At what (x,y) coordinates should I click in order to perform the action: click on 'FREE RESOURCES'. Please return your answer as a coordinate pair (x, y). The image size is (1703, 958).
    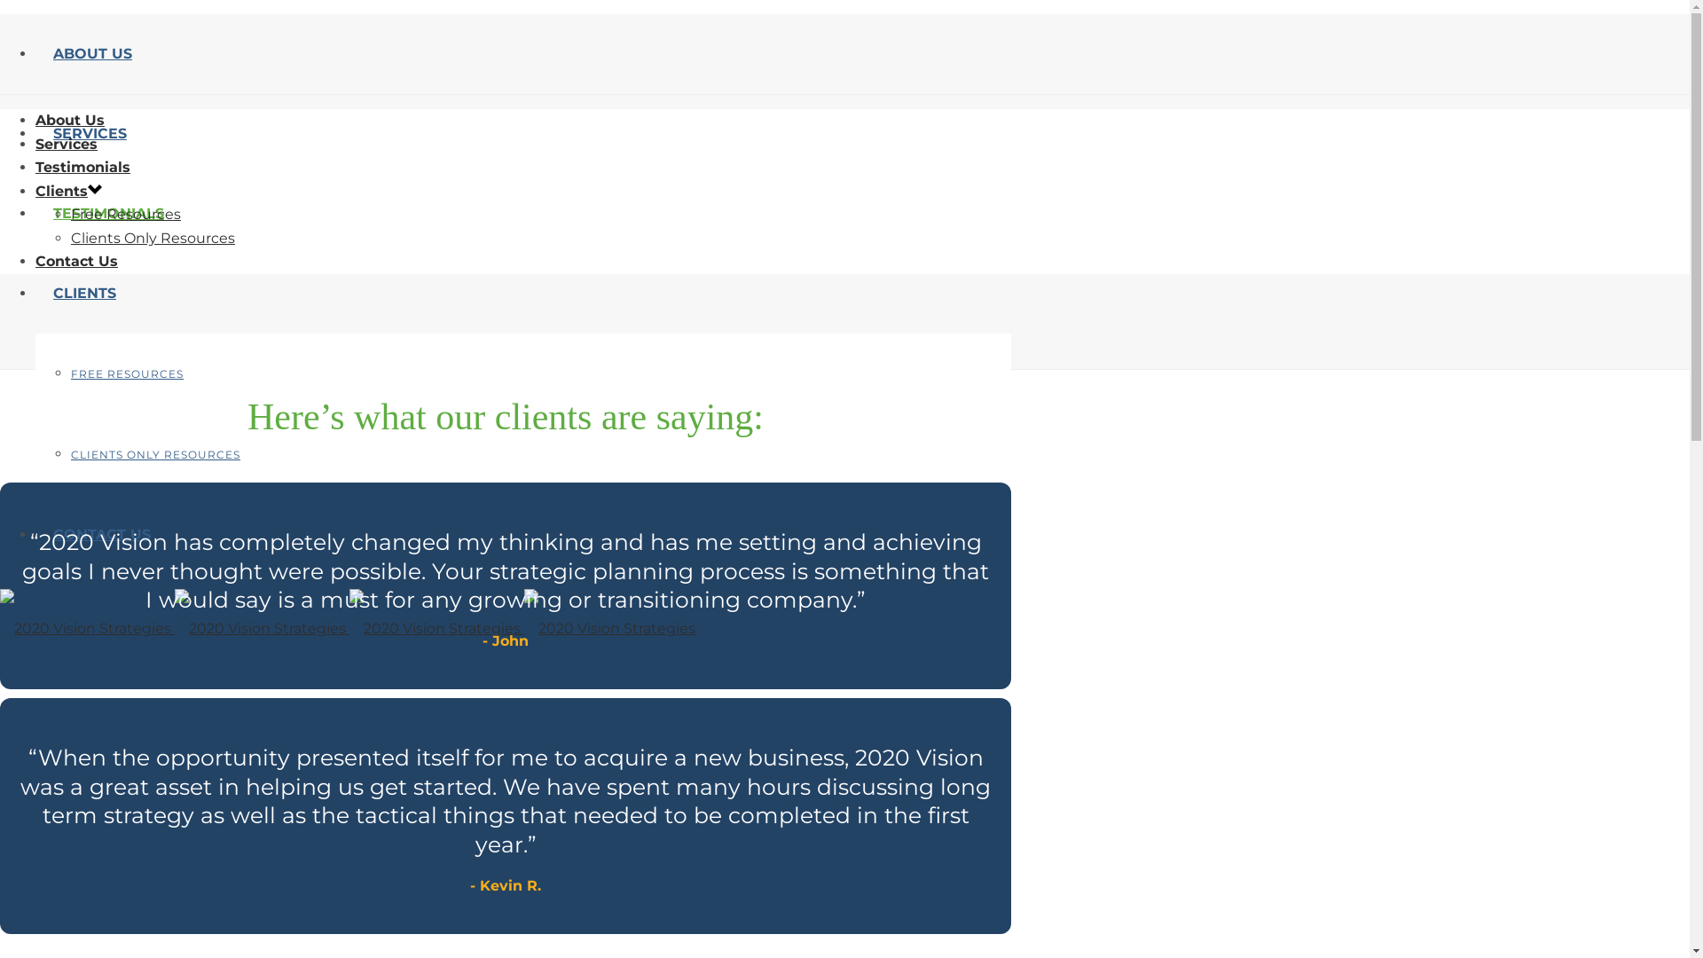
    Looking at the image, I should click on (126, 373).